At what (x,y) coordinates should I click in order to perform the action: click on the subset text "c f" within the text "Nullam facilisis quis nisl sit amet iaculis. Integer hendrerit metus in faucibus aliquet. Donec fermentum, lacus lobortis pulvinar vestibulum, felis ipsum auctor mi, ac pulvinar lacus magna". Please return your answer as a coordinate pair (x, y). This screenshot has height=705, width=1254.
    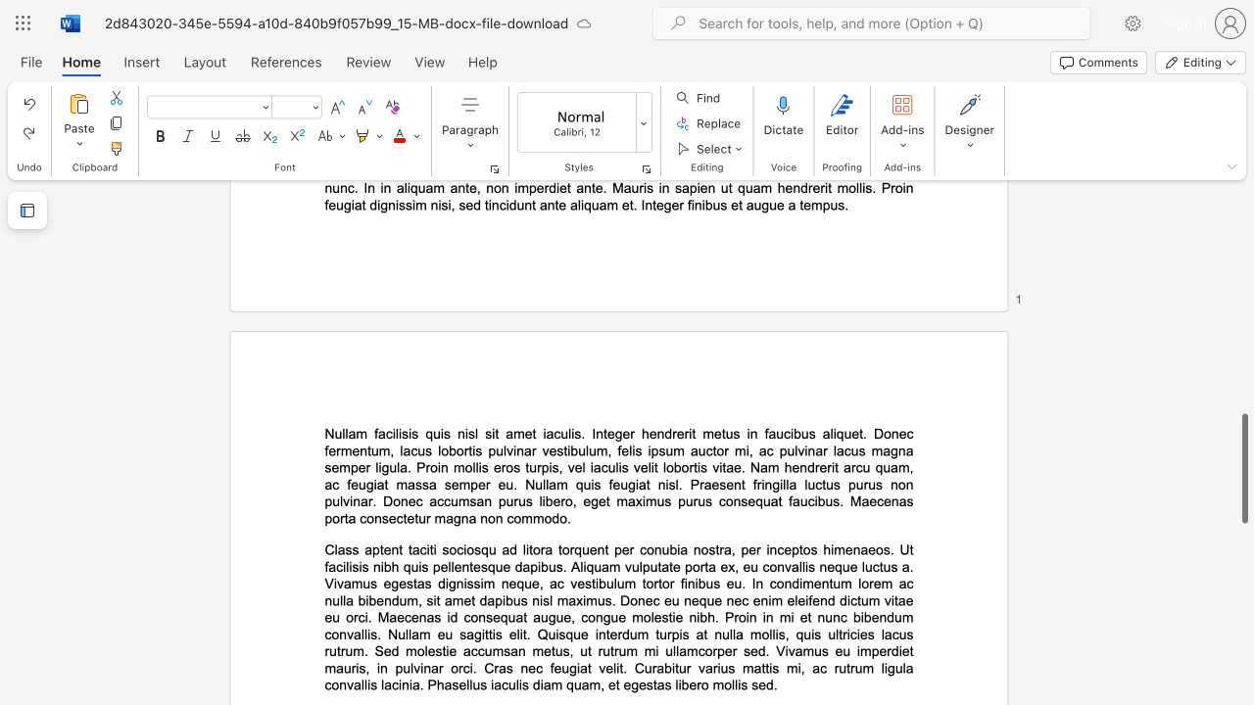
    Looking at the image, I should click on (905, 433).